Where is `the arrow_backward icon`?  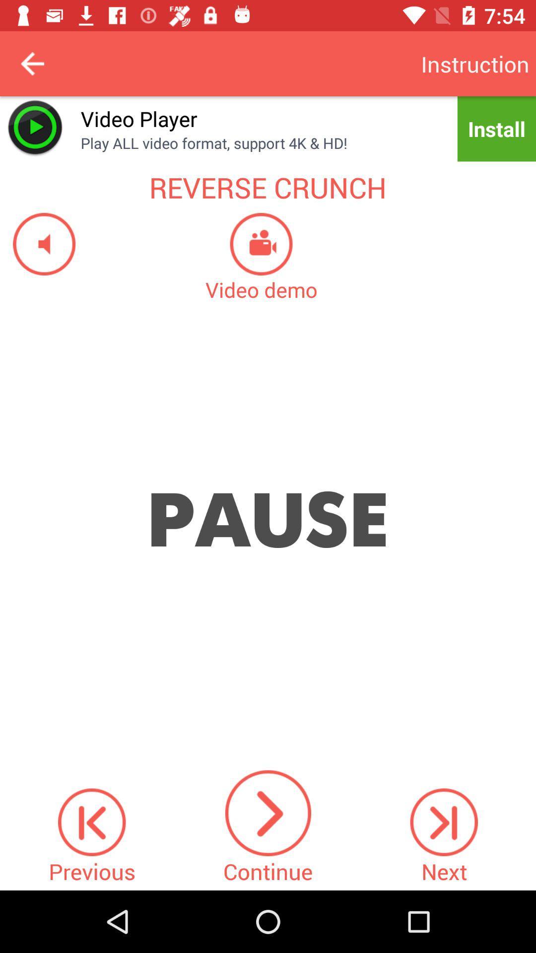
the arrow_backward icon is located at coordinates (32, 63).